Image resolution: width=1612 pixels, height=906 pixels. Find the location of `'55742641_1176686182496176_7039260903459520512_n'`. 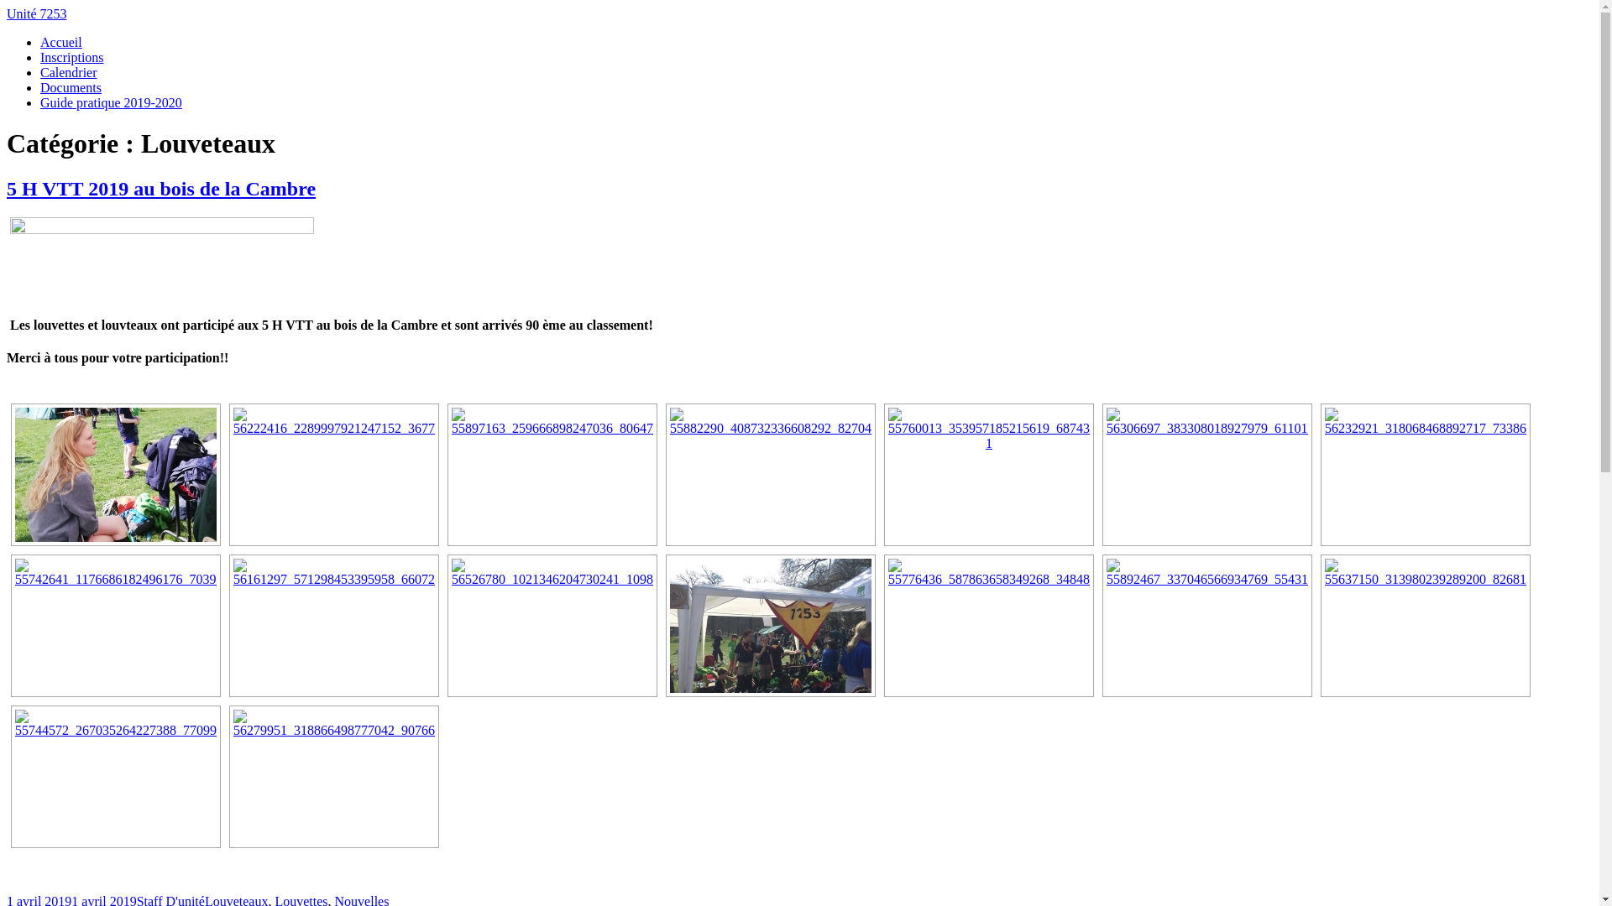

'55742641_1176686182496176_7039260903459520512_n' is located at coordinates (115, 625).